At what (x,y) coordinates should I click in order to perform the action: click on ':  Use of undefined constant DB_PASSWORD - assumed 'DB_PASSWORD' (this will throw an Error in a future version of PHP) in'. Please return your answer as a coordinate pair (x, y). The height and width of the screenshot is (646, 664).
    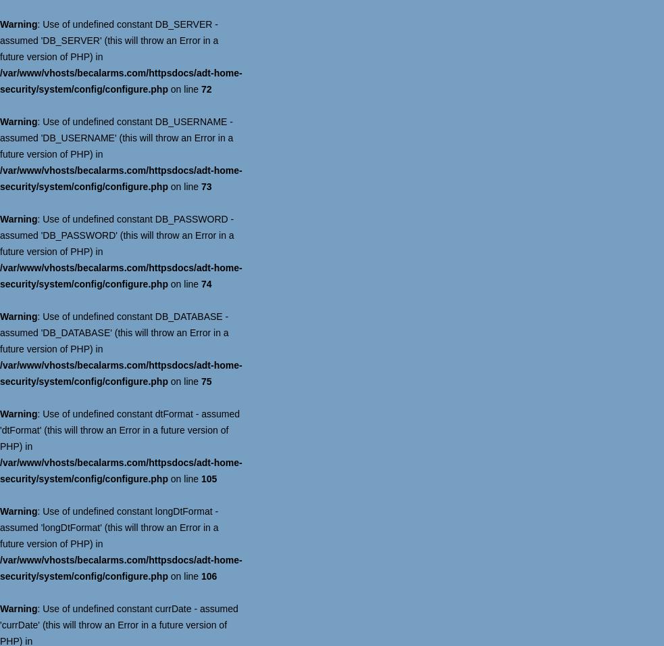
    Looking at the image, I should click on (117, 235).